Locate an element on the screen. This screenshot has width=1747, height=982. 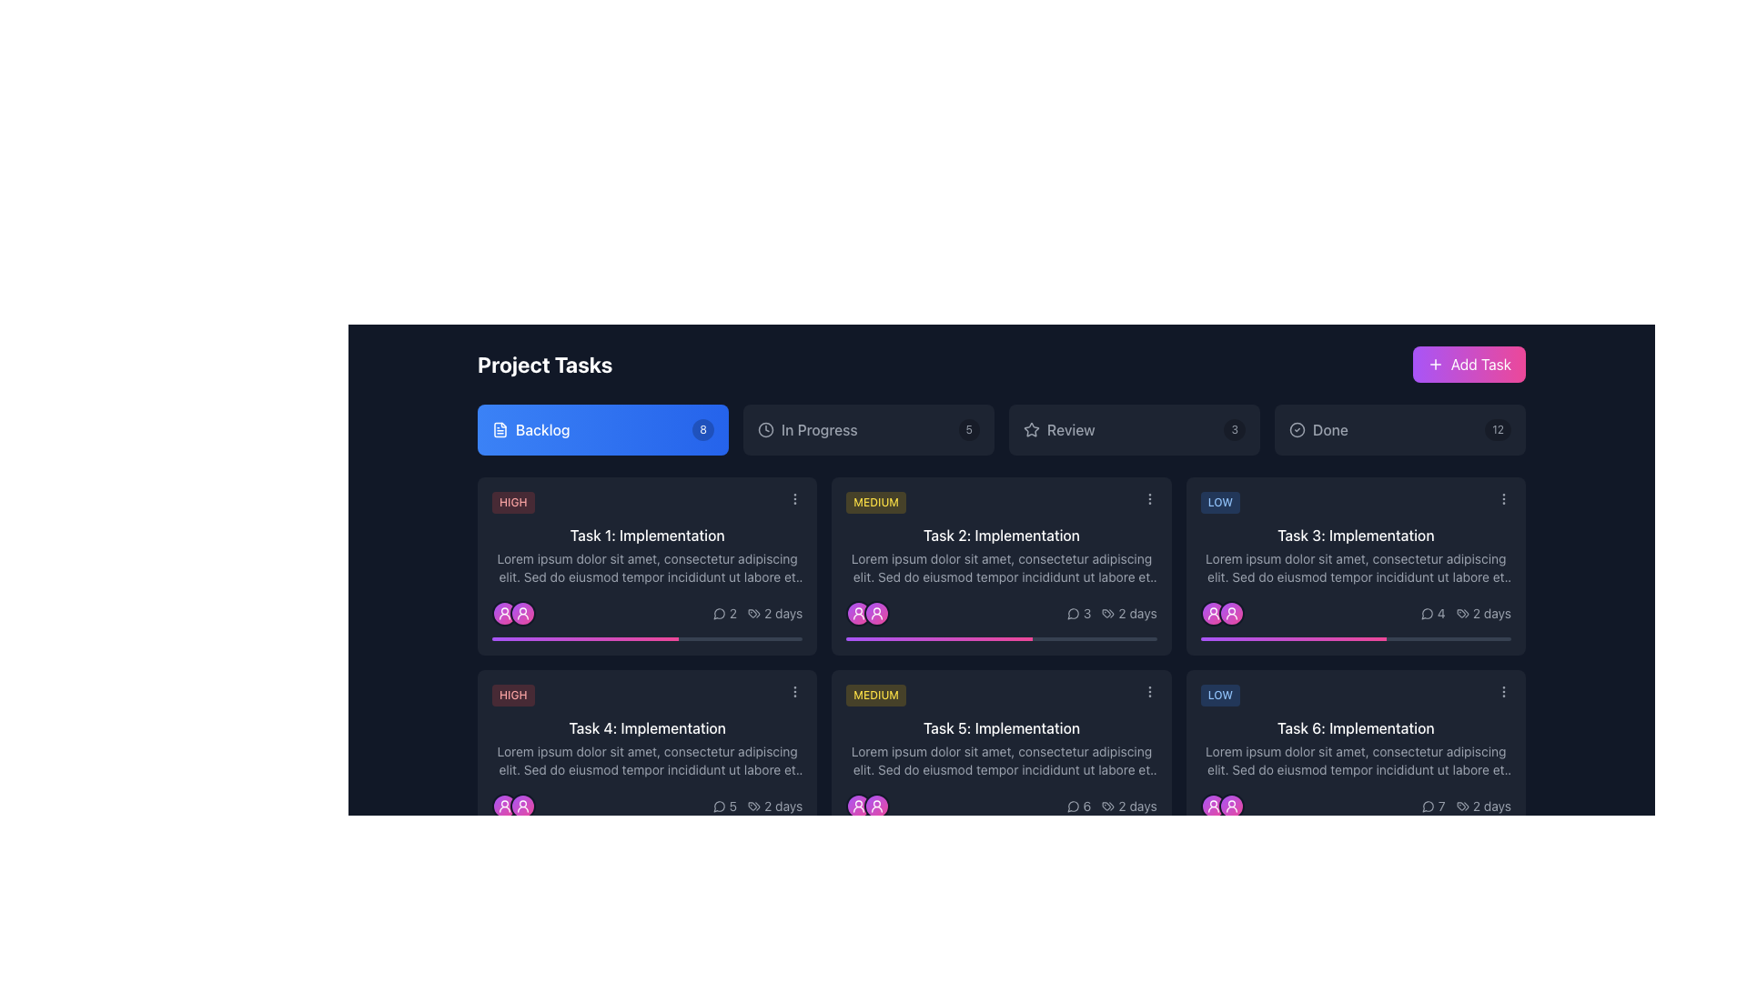
the Text Label displaying the numeric value '7' next to the comment icon in the bottom right corner of the task card for 'Task 6: Implementation' is located at coordinates (1432, 806).